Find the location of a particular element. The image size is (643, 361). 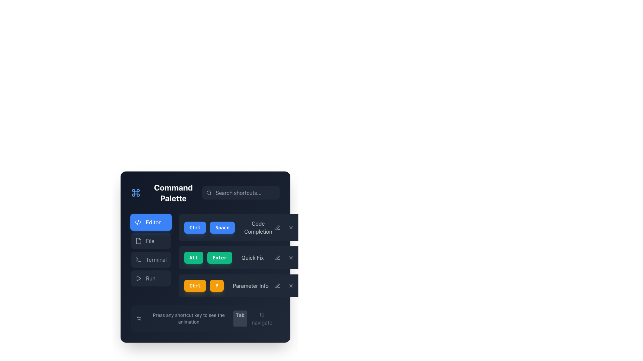

the 'File' button, which is the second button in a vertical list located below the 'Editor' button and above the 'Terminal' button is located at coordinates (150, 241).